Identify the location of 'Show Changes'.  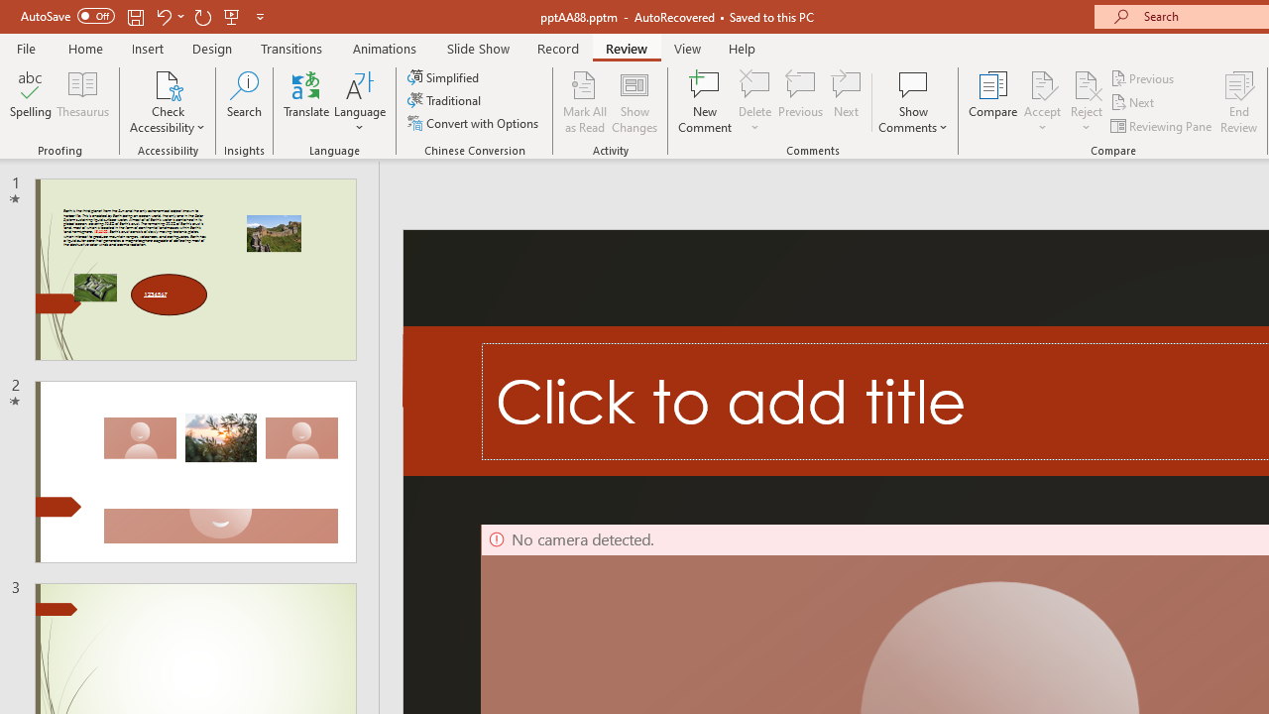
(634, 102).